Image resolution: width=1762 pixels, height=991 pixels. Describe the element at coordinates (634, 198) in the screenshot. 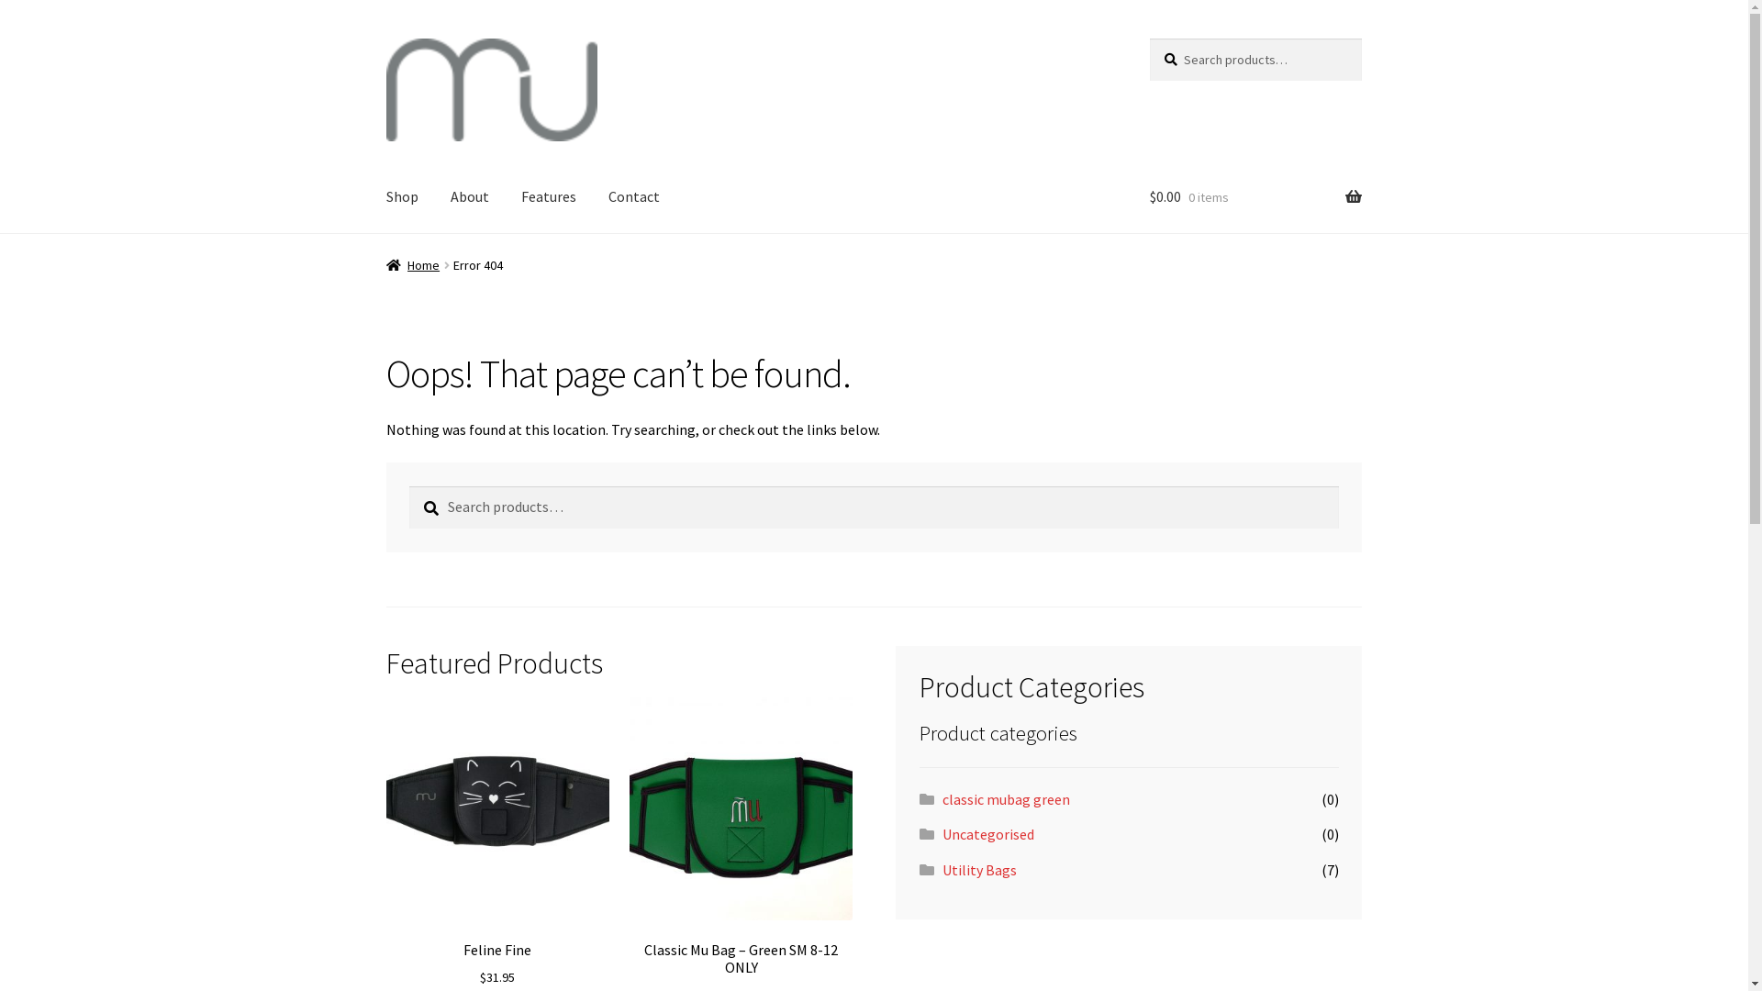

I see `'Contact'` at that location.